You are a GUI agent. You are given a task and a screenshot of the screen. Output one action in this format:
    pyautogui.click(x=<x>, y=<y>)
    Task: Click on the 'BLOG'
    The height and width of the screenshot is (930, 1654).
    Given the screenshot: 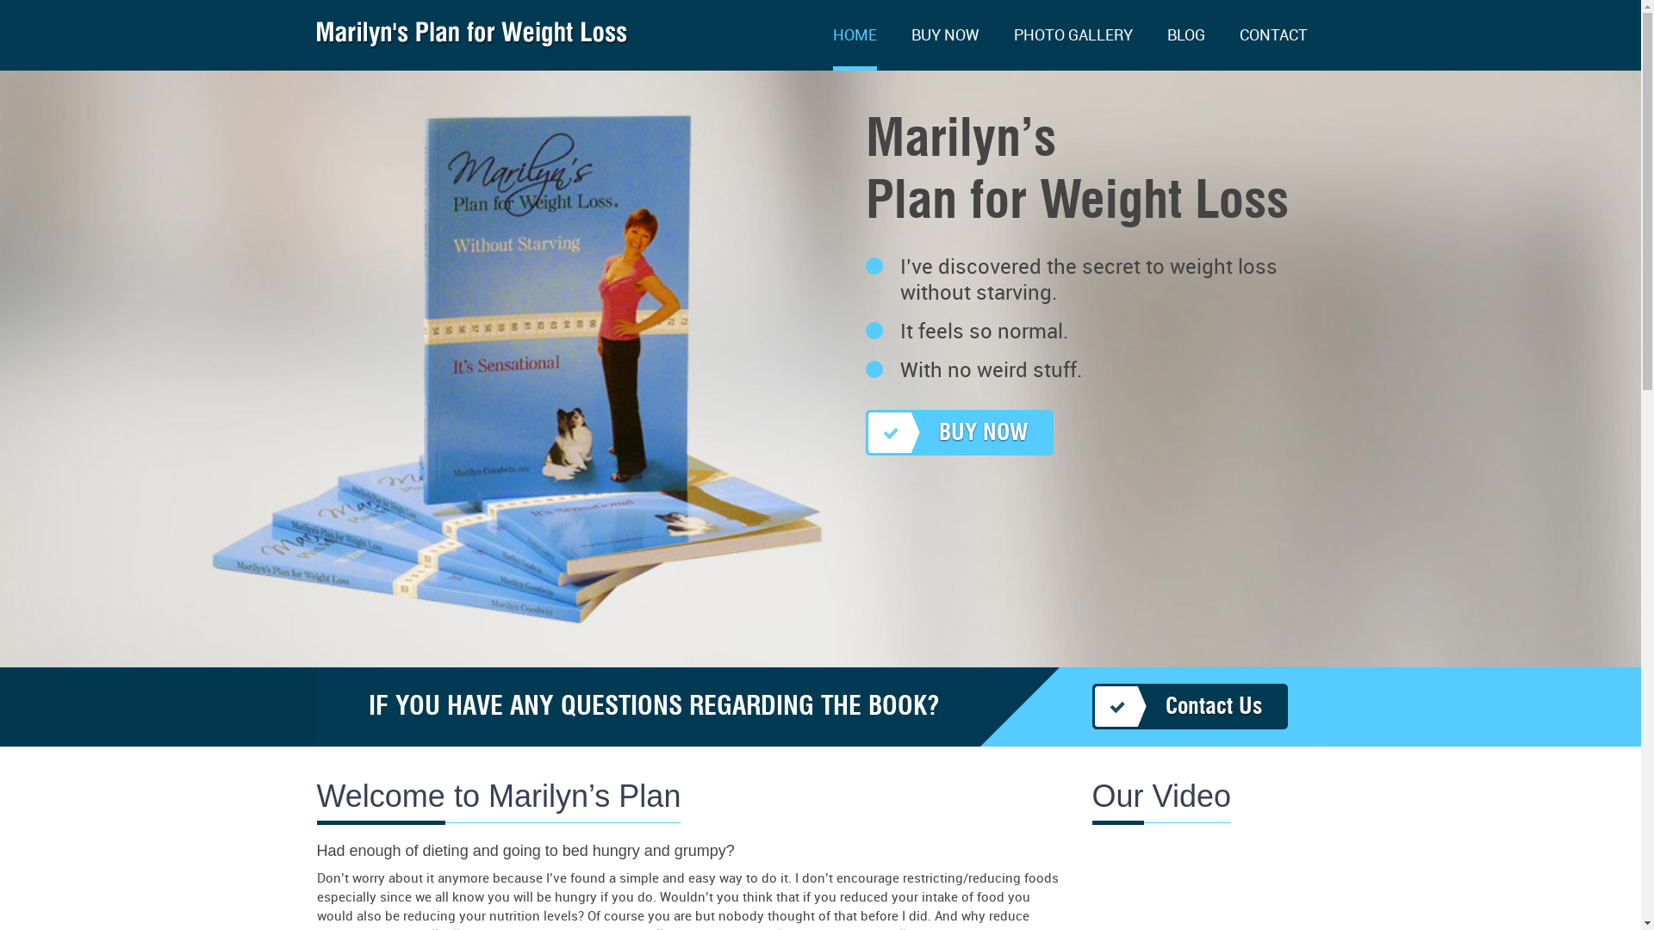 What is the action you would take?
    pyautogui.click(x=1185, y=48)
    